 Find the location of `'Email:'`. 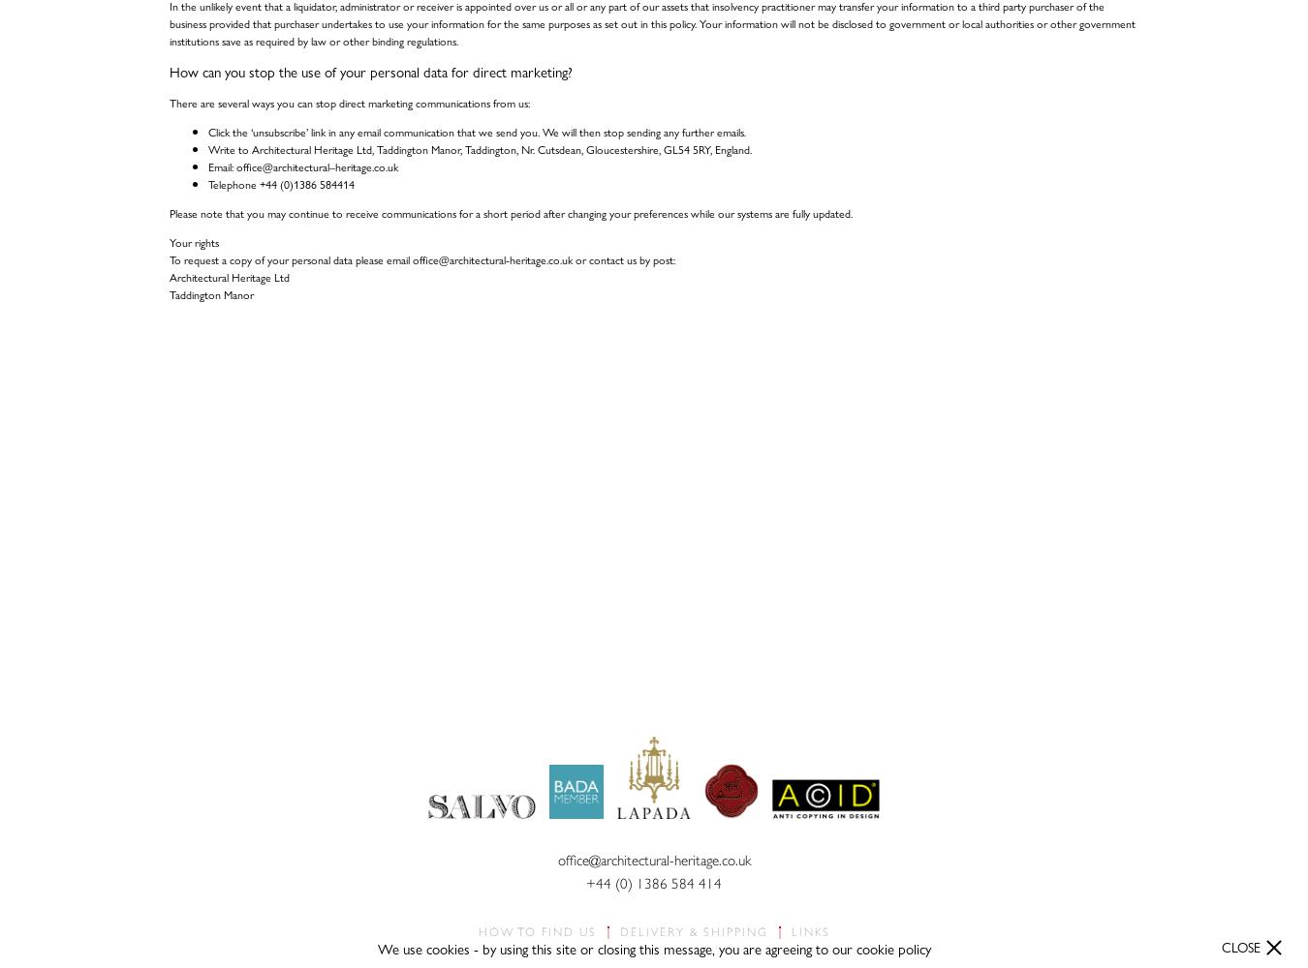

'Email:' is located at coordinates (221, 166).